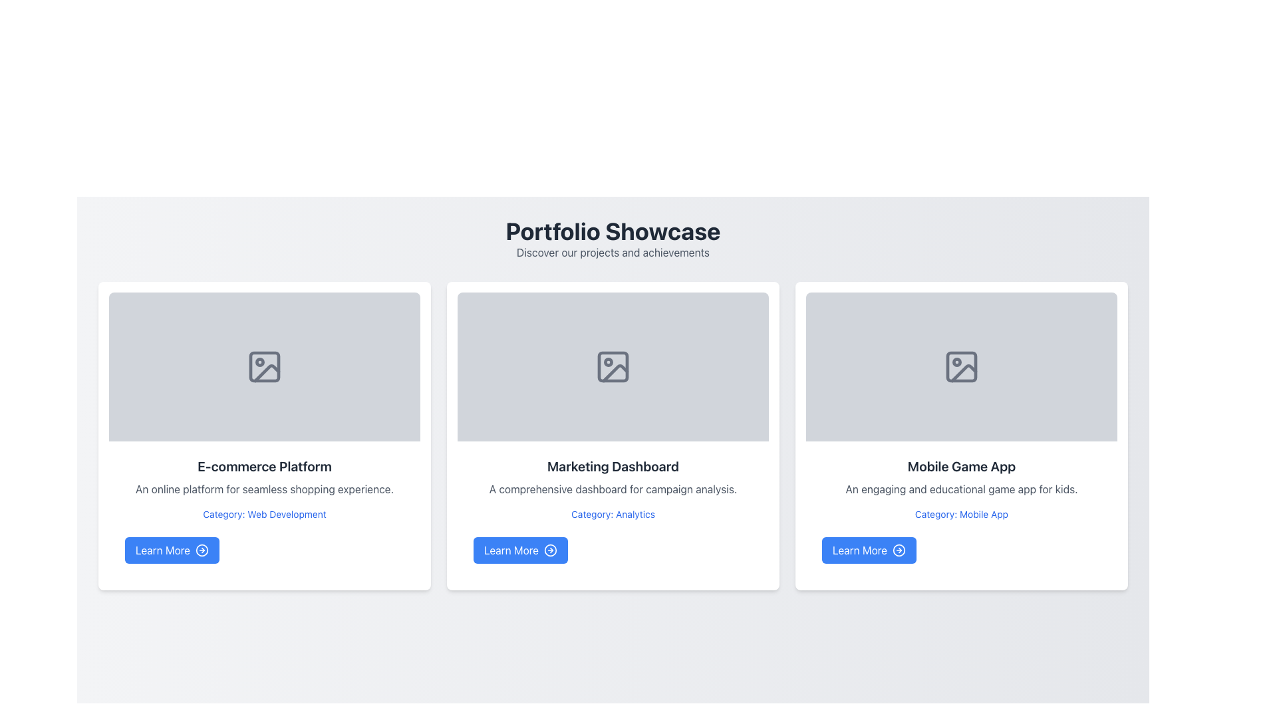  I want to click on the placeholder icon suggesting an image area located in the center of the first card under the title 'Portfolio Showcase' and above the 'Learn More' button, so click(265, 366).